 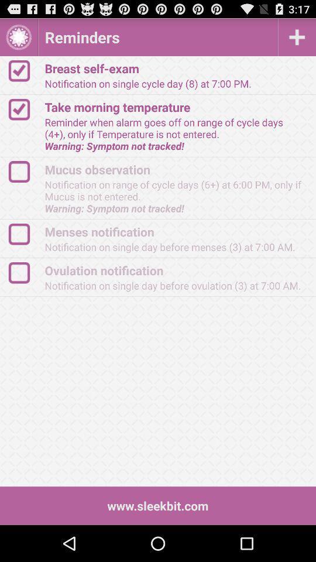 I want to click on reminder, so click(x=297, y=37).